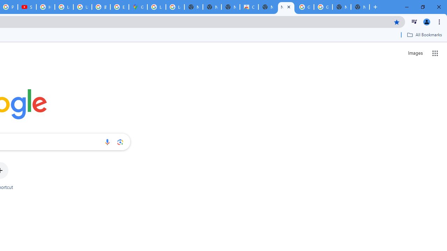 This screenshot has height=251, width=447. I want to click on 'Explore new street-level details - Google Maps Help', so click(119, 7).